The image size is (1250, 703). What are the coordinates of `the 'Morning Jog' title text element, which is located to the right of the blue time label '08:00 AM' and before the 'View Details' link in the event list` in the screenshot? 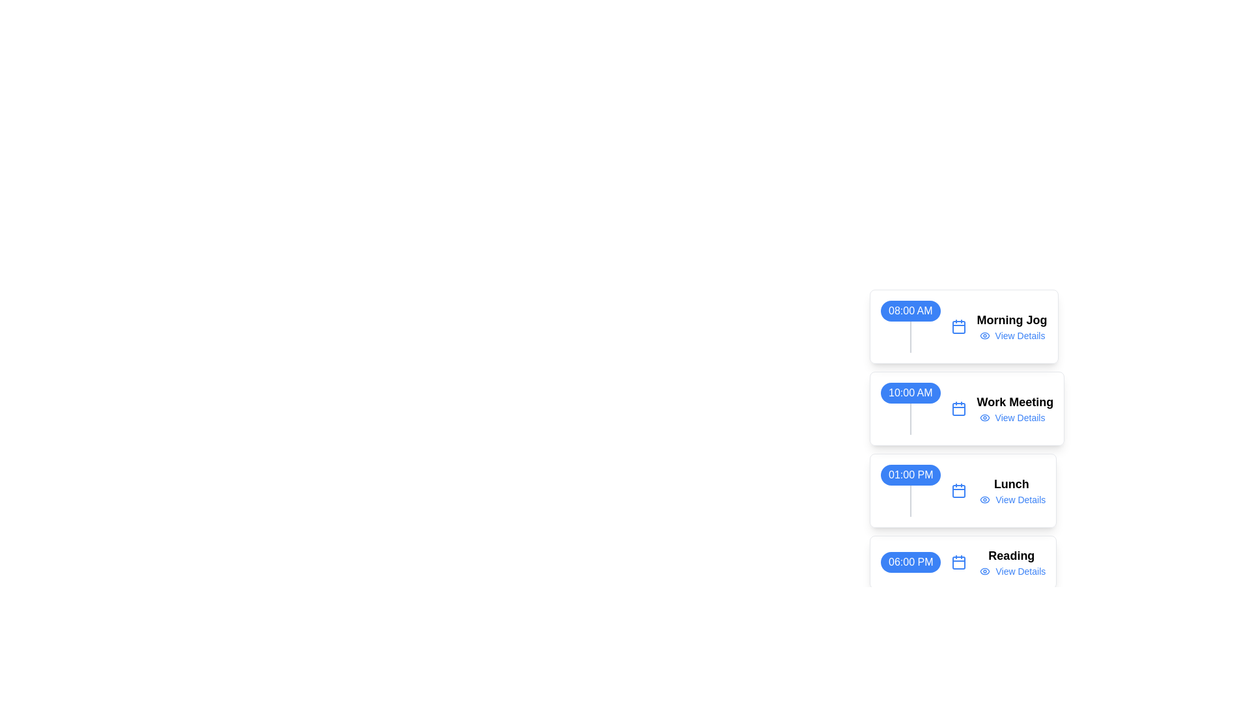 It's located at (1011, 320).